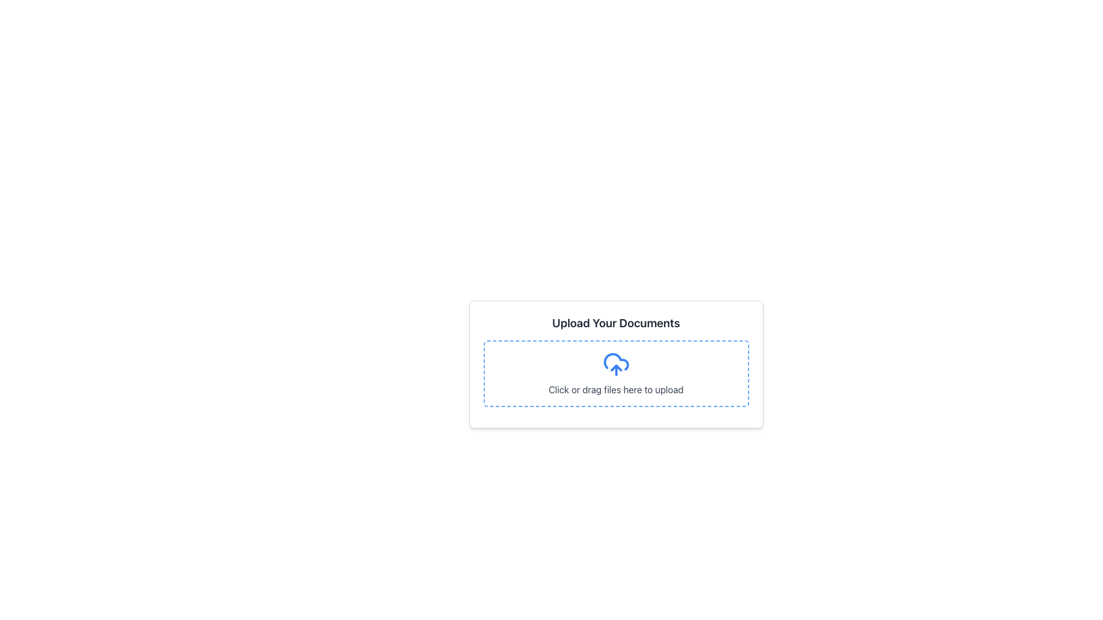 The width and height of the screenshot is (1103, 620). I want to click on and drop files onto the File upload area, which is a rectangular area with a dashed blue border and an upload icon depicting a cloud with an upward arrow, so click(615, 374).